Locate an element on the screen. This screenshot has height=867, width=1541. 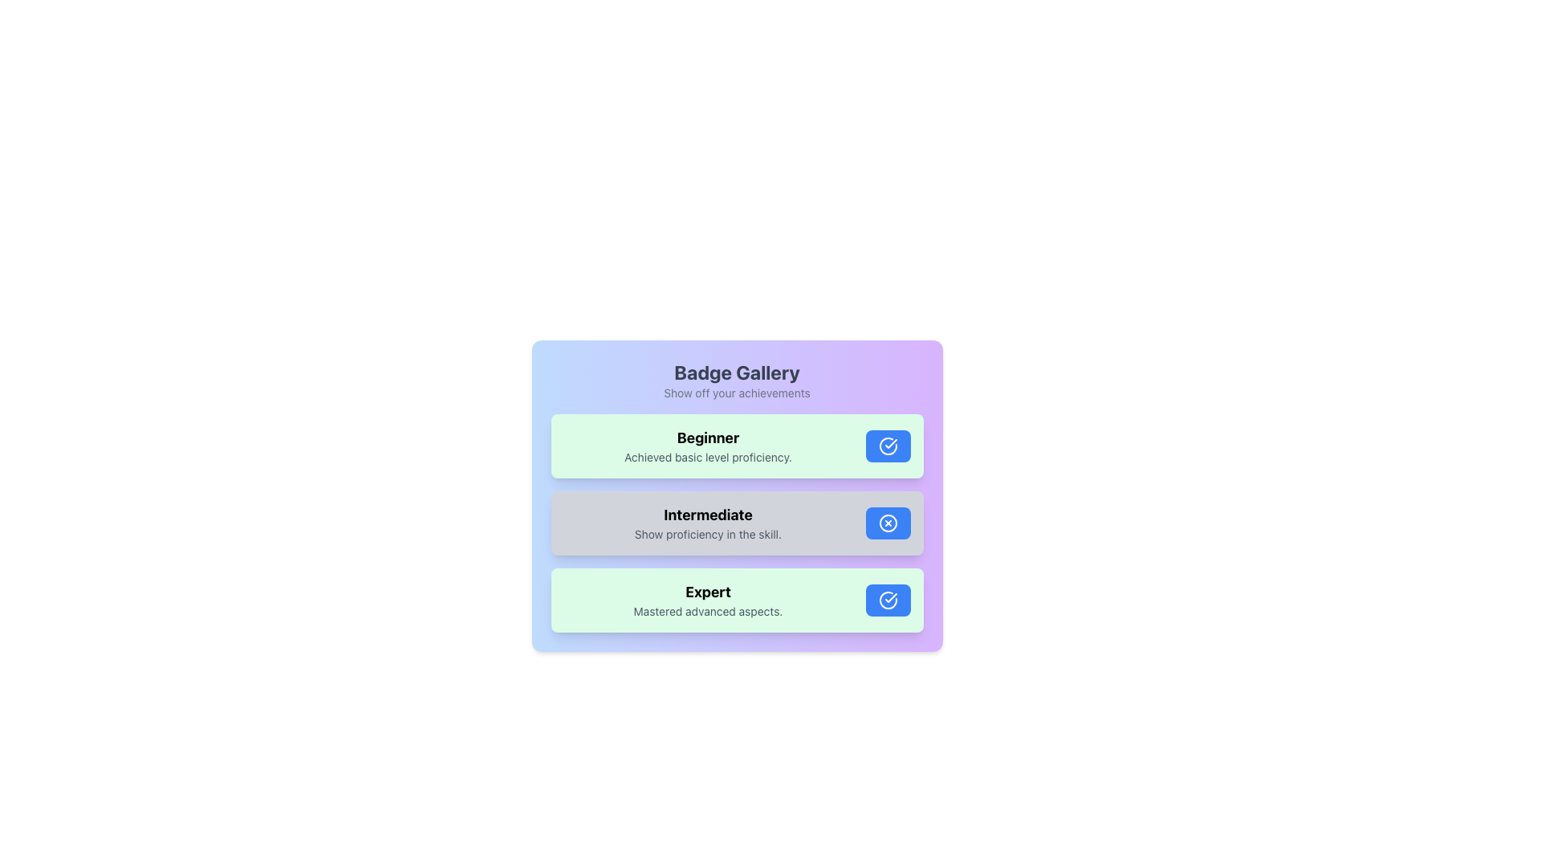
the Intermediate skill level card, which is the central card in a vertical stack of three, positioned between the Beginner and Expert cards is located at coordinates (736, 523).